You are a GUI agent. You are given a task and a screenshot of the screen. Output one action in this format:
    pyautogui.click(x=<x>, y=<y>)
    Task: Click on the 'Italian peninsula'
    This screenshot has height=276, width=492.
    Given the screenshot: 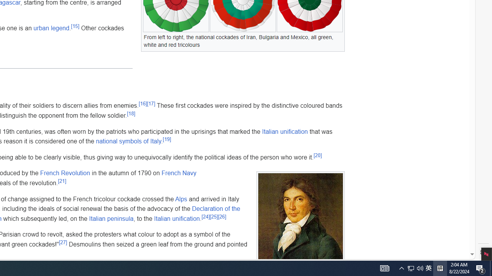 What is the action you would take?
    pyautogui.click(x=111, y=218)
    